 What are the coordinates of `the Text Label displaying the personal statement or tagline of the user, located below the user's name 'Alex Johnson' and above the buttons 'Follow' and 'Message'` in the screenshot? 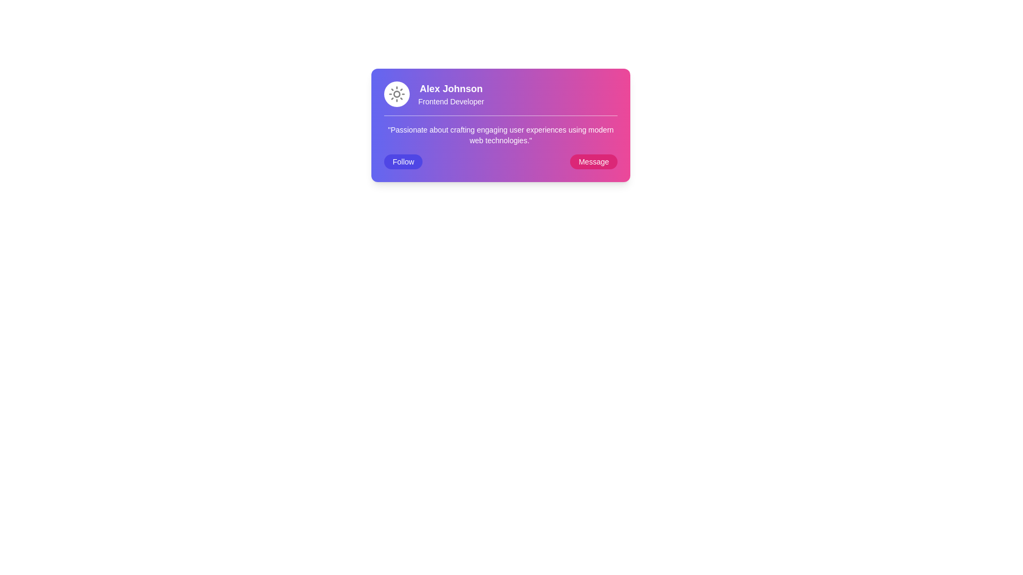 It's located at (500, 142).